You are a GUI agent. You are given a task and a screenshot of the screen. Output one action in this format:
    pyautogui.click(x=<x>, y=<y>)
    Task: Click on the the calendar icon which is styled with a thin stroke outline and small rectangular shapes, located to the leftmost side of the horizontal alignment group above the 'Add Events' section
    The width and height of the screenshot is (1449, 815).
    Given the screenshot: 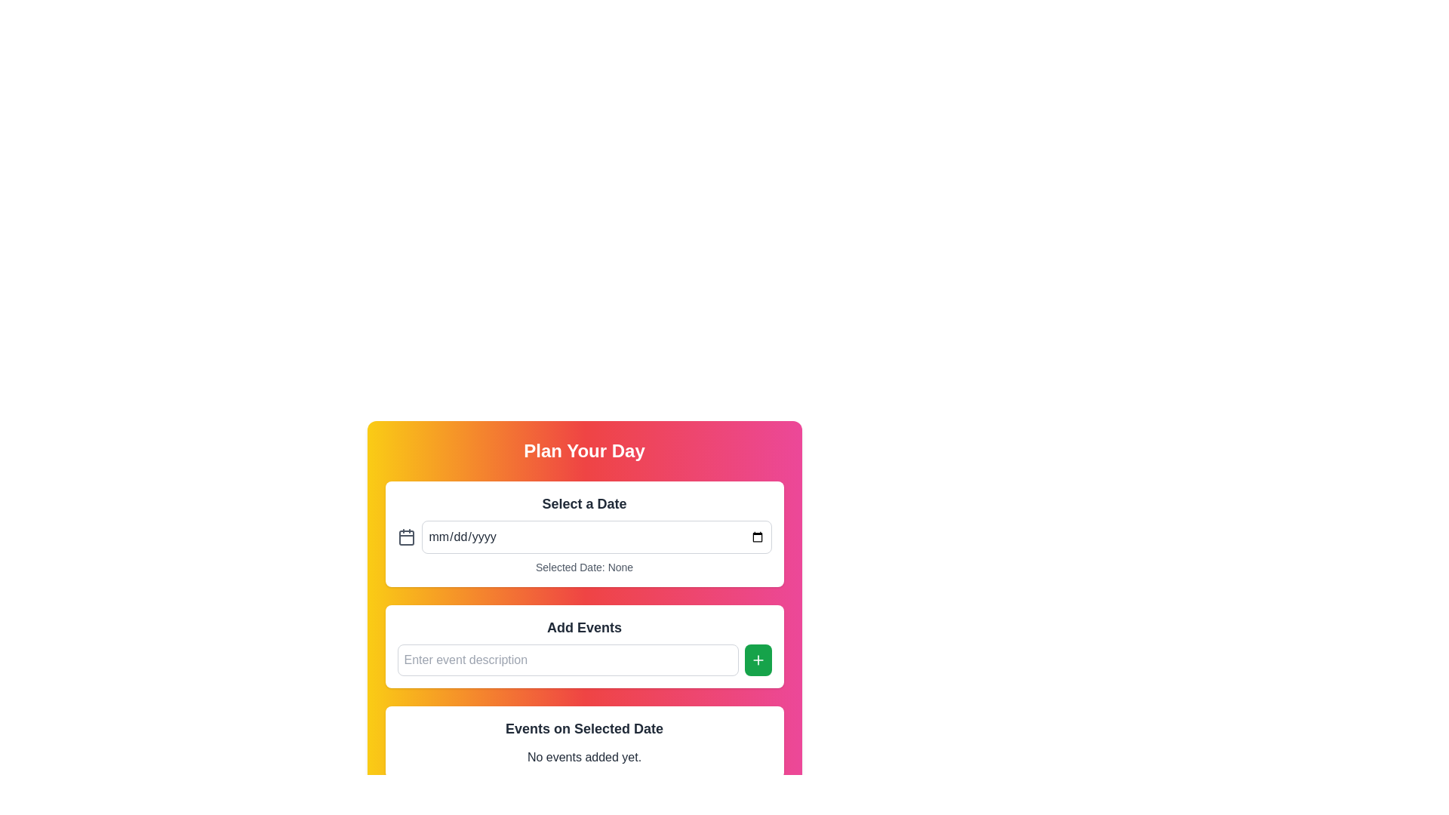 What is the action you would take?
    pyautogui.click(x=406, y=537)
    